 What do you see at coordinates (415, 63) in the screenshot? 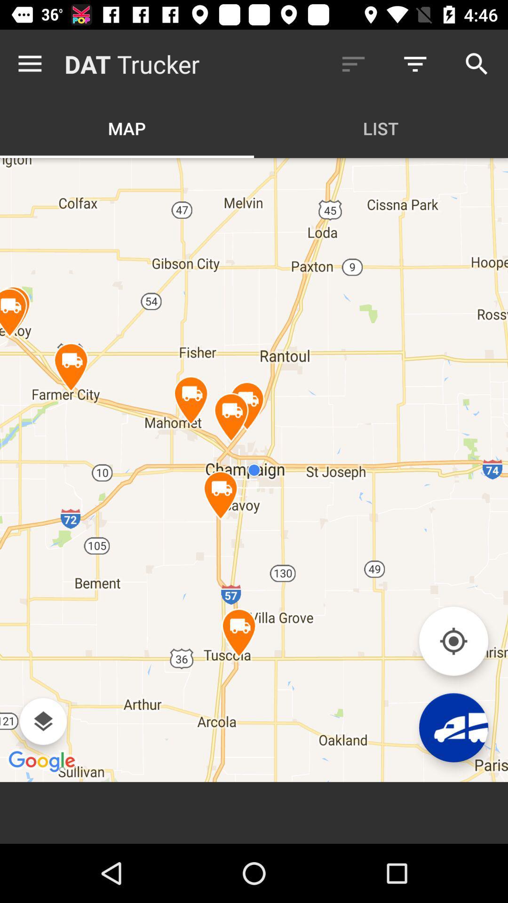
I see `the item above the list` at bounding box center [415, 63].